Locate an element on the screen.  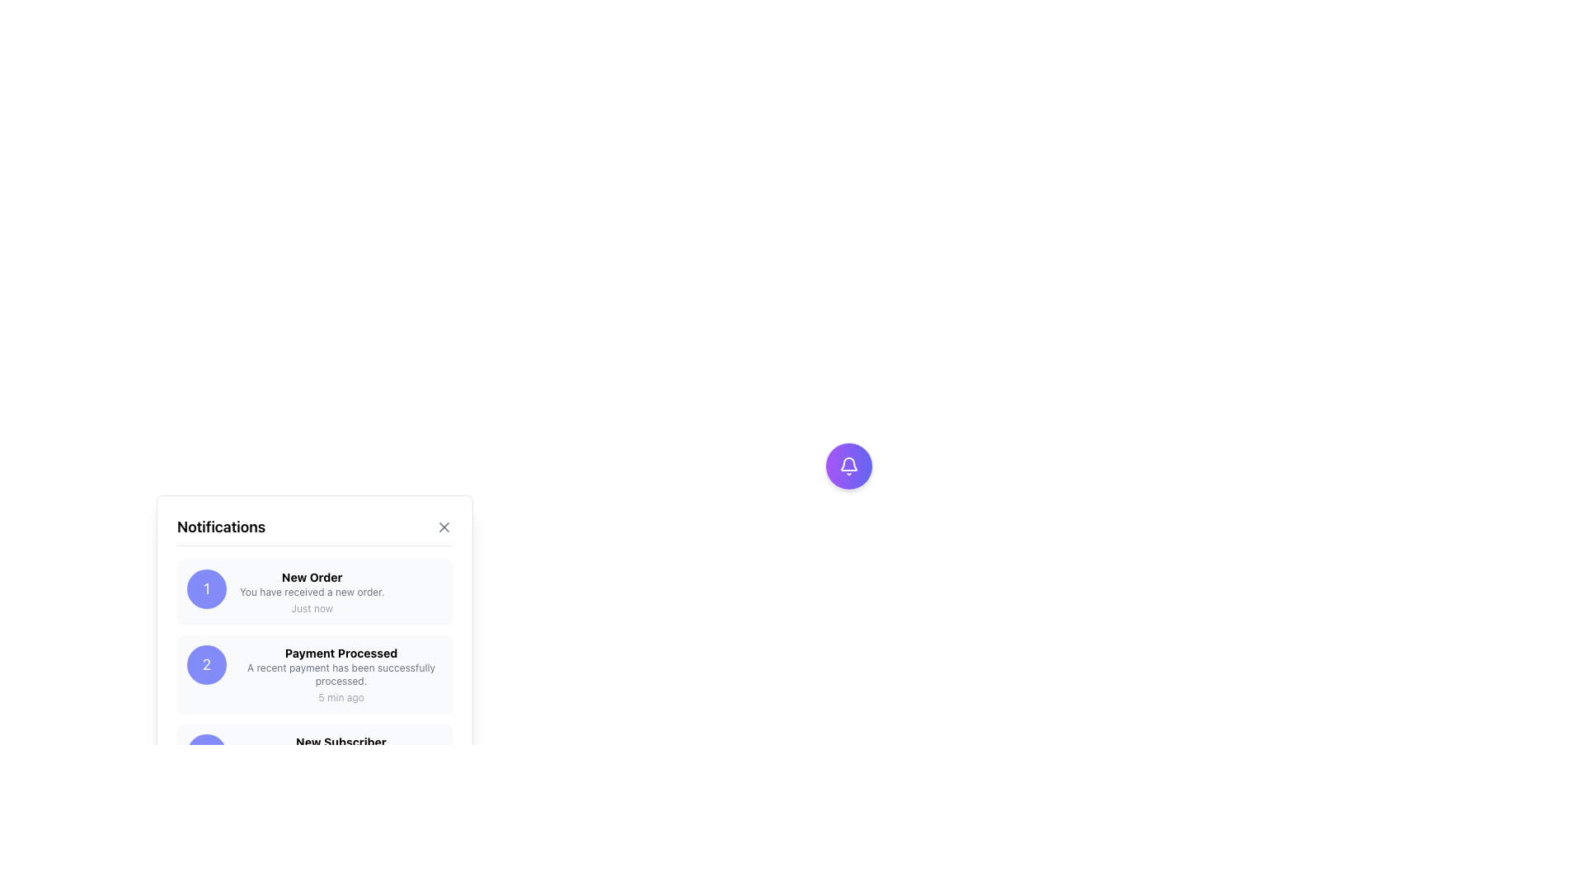
the second notification item titled 'Payment Processed' to bring up a context menu is located at coordinates (315, 674).